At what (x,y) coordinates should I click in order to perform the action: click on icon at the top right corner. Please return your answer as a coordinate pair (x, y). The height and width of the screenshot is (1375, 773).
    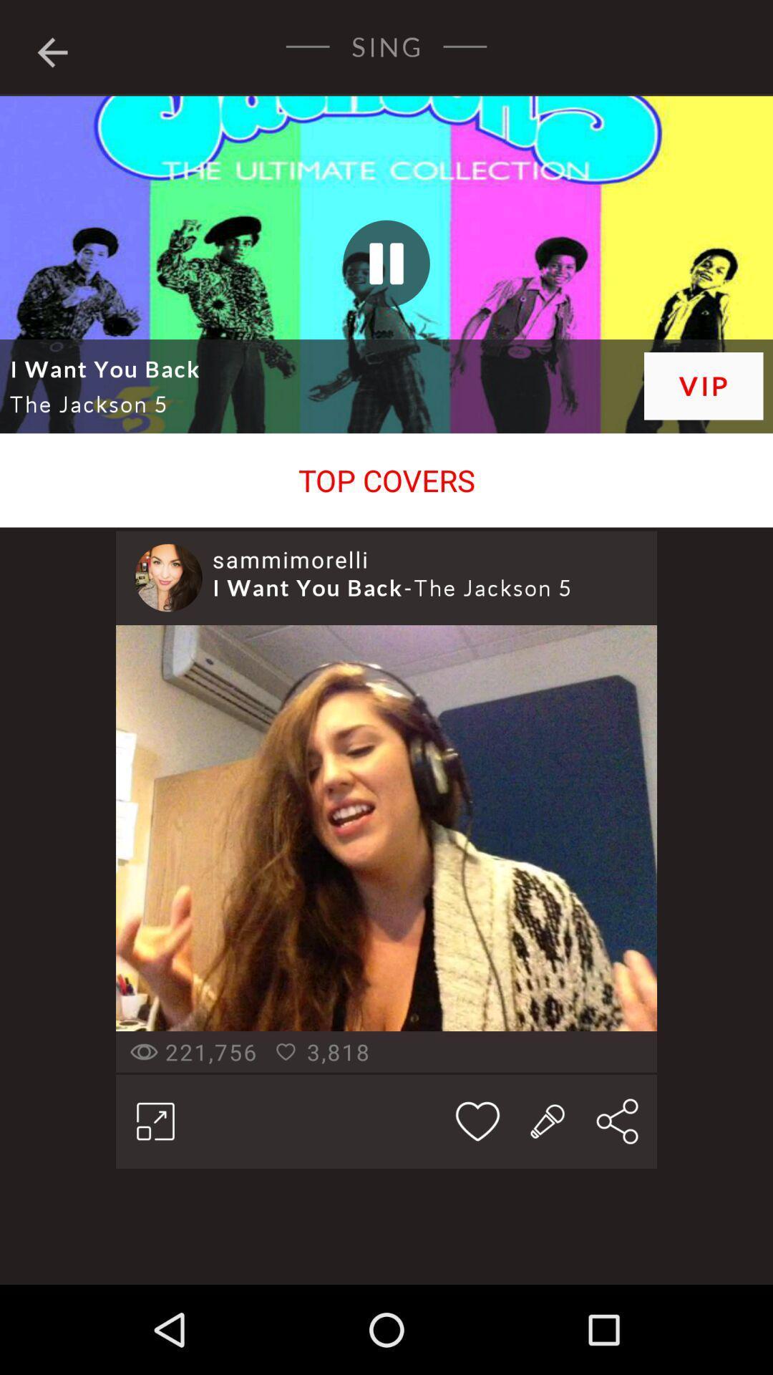
    Looking at the image, I should click on (703, 386).